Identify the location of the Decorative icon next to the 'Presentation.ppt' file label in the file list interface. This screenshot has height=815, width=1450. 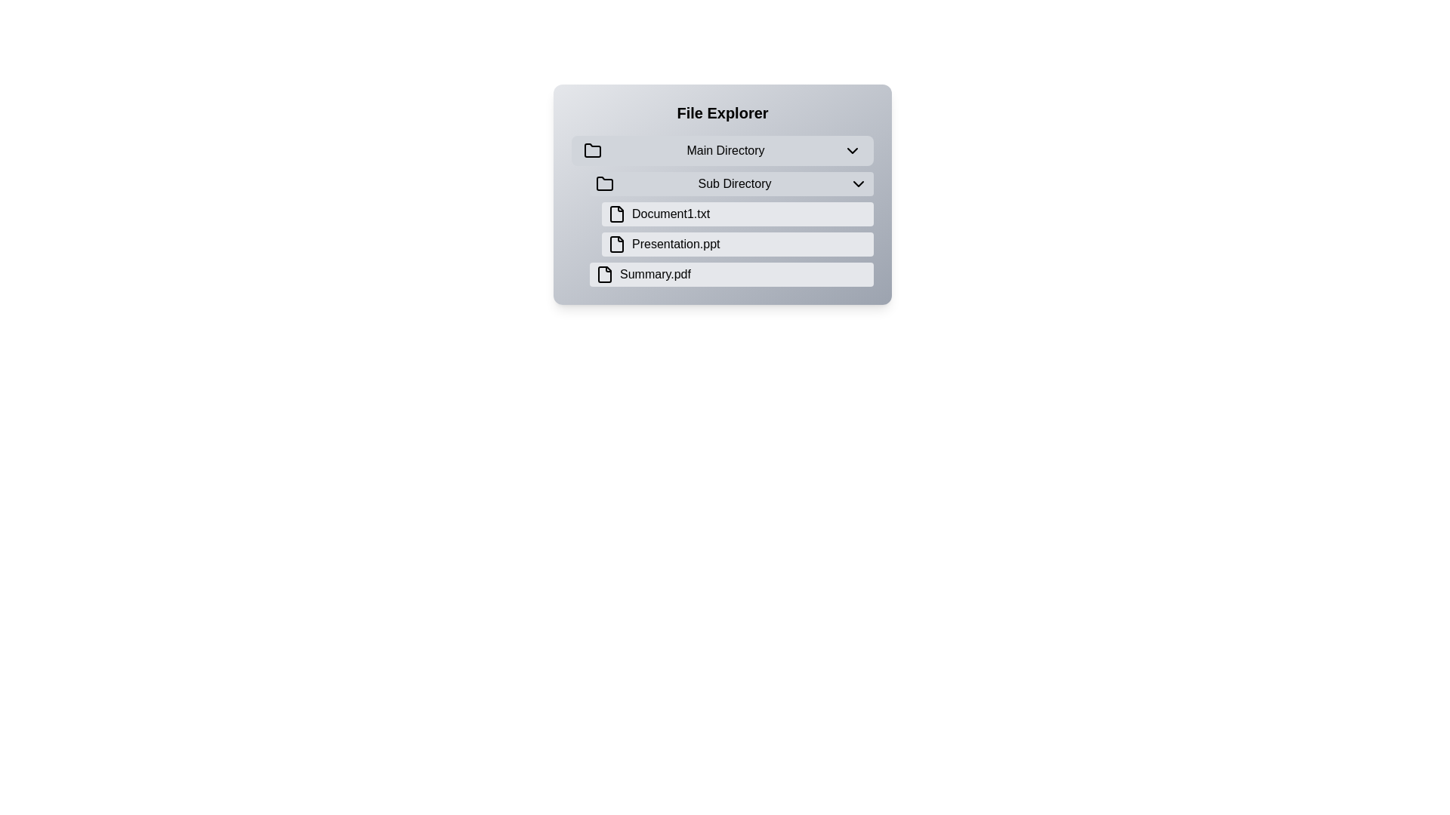
(616, 244).